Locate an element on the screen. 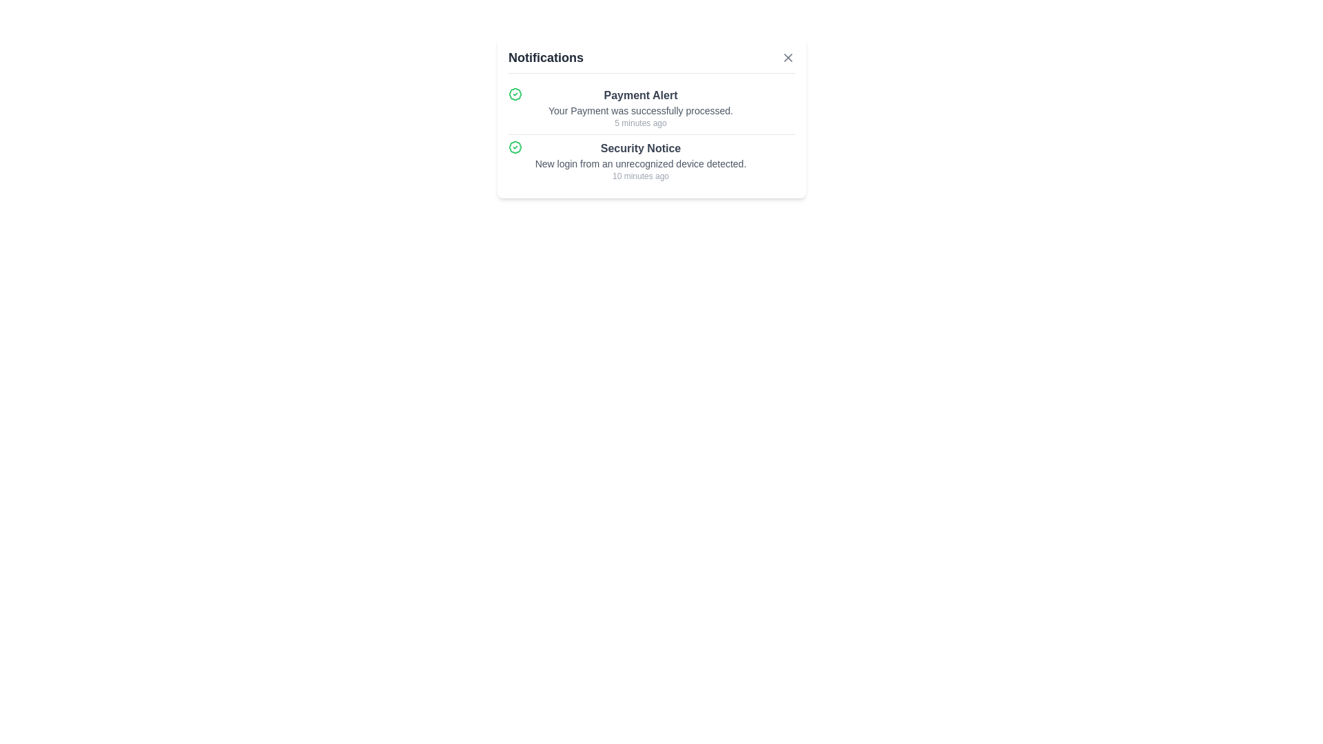 This screenshot has width=1323, height=744. descriptive text located below the 'Security Notice' heading and above the '10 minutes ago' timestamp in the notification list is located at coordinates (640, 163).